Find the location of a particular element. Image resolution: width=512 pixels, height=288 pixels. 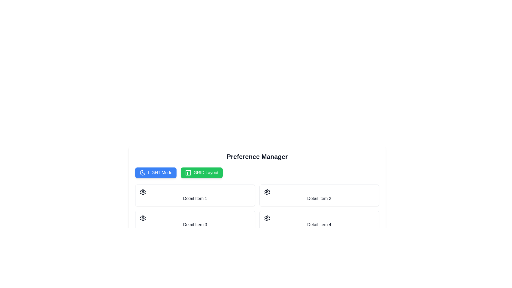

the leftmost toggle button under 'Preference Manager' is located at coordinates (155, 173).